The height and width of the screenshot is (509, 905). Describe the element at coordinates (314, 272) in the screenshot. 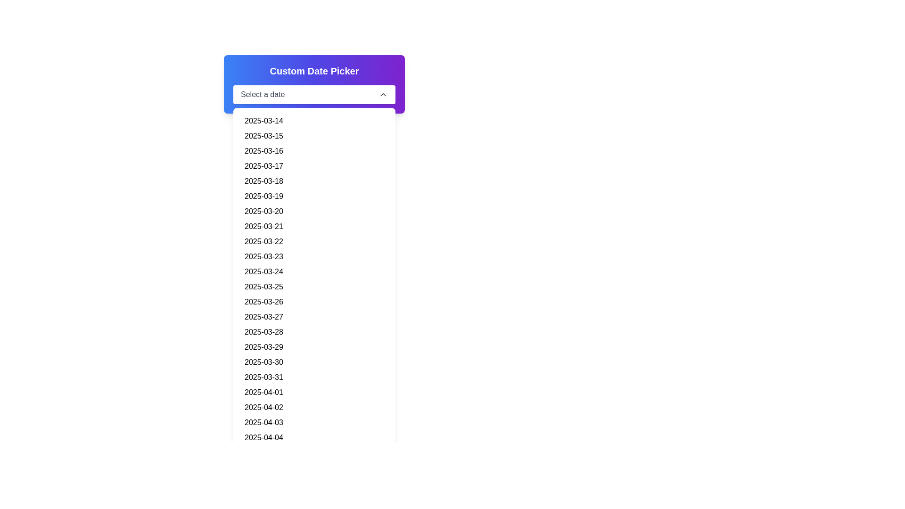

I see `to select the date '2025-03-24' in the dropdown list item, which is the 11th item in the vertical list of dates` at that location.